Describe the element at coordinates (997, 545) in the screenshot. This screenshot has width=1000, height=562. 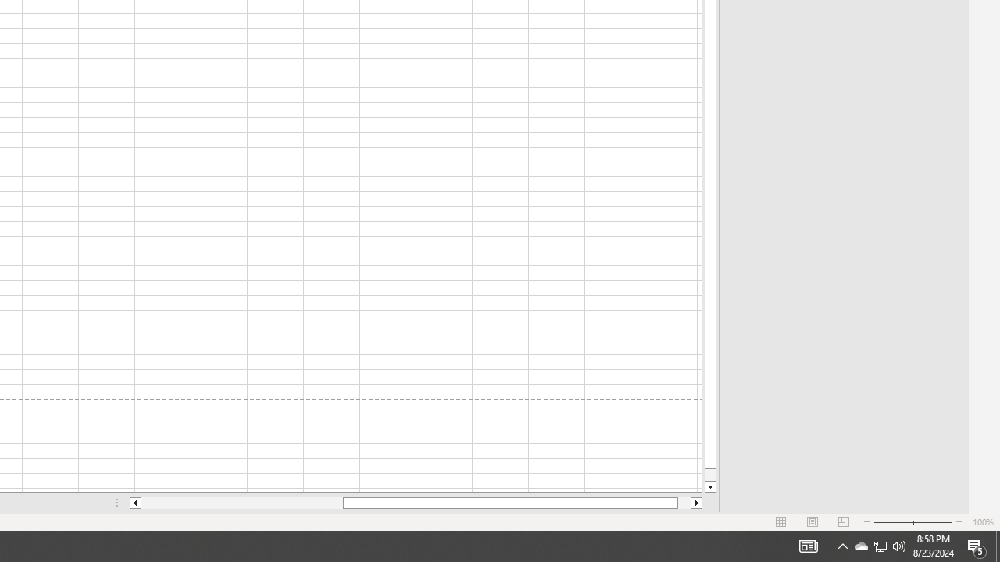
I see `'Show desktop'` at that location.